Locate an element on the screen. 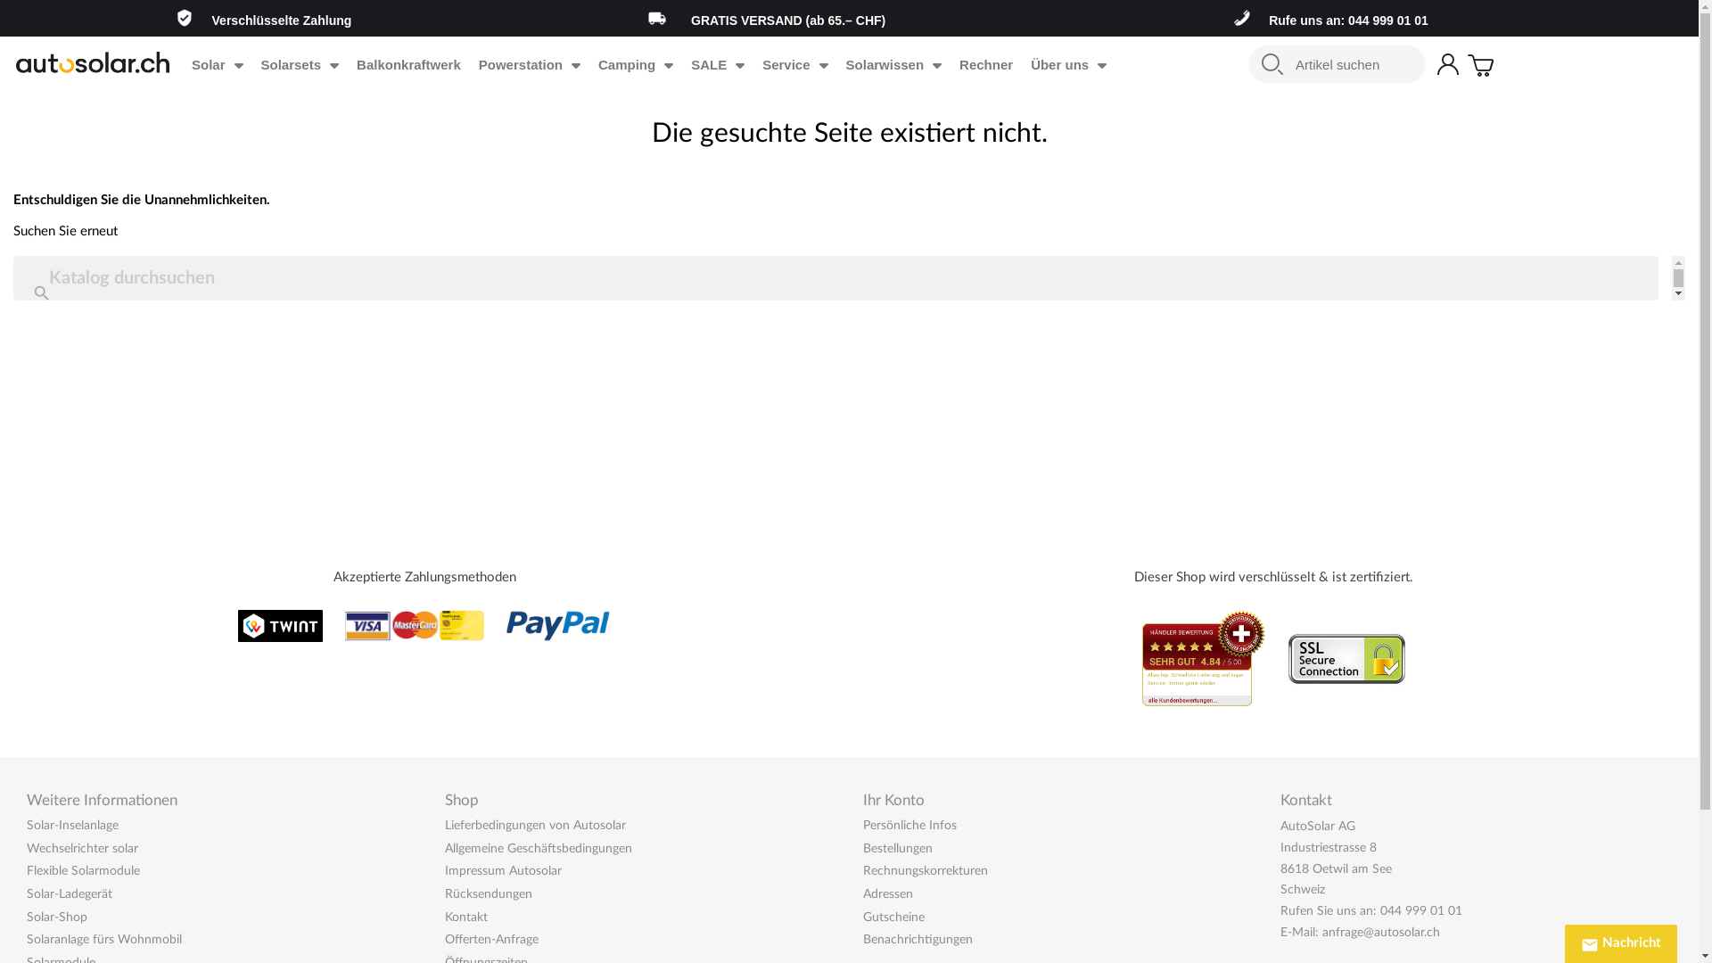 Image resolution: width=1712 pixels, height=963 pixels. 'Rufe uns an: 044 999 01 01' is located at coordinates (1348, 20).